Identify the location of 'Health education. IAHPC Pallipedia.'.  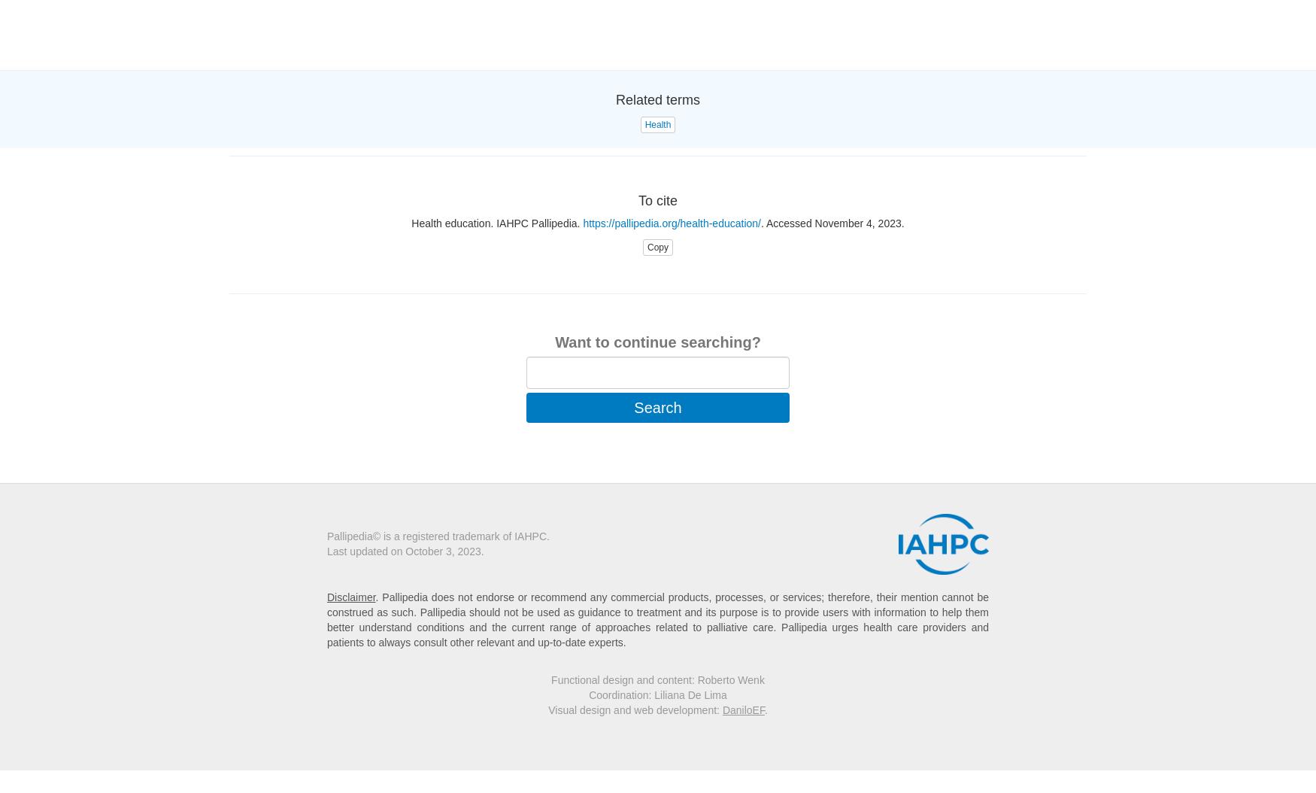
(496, 223).